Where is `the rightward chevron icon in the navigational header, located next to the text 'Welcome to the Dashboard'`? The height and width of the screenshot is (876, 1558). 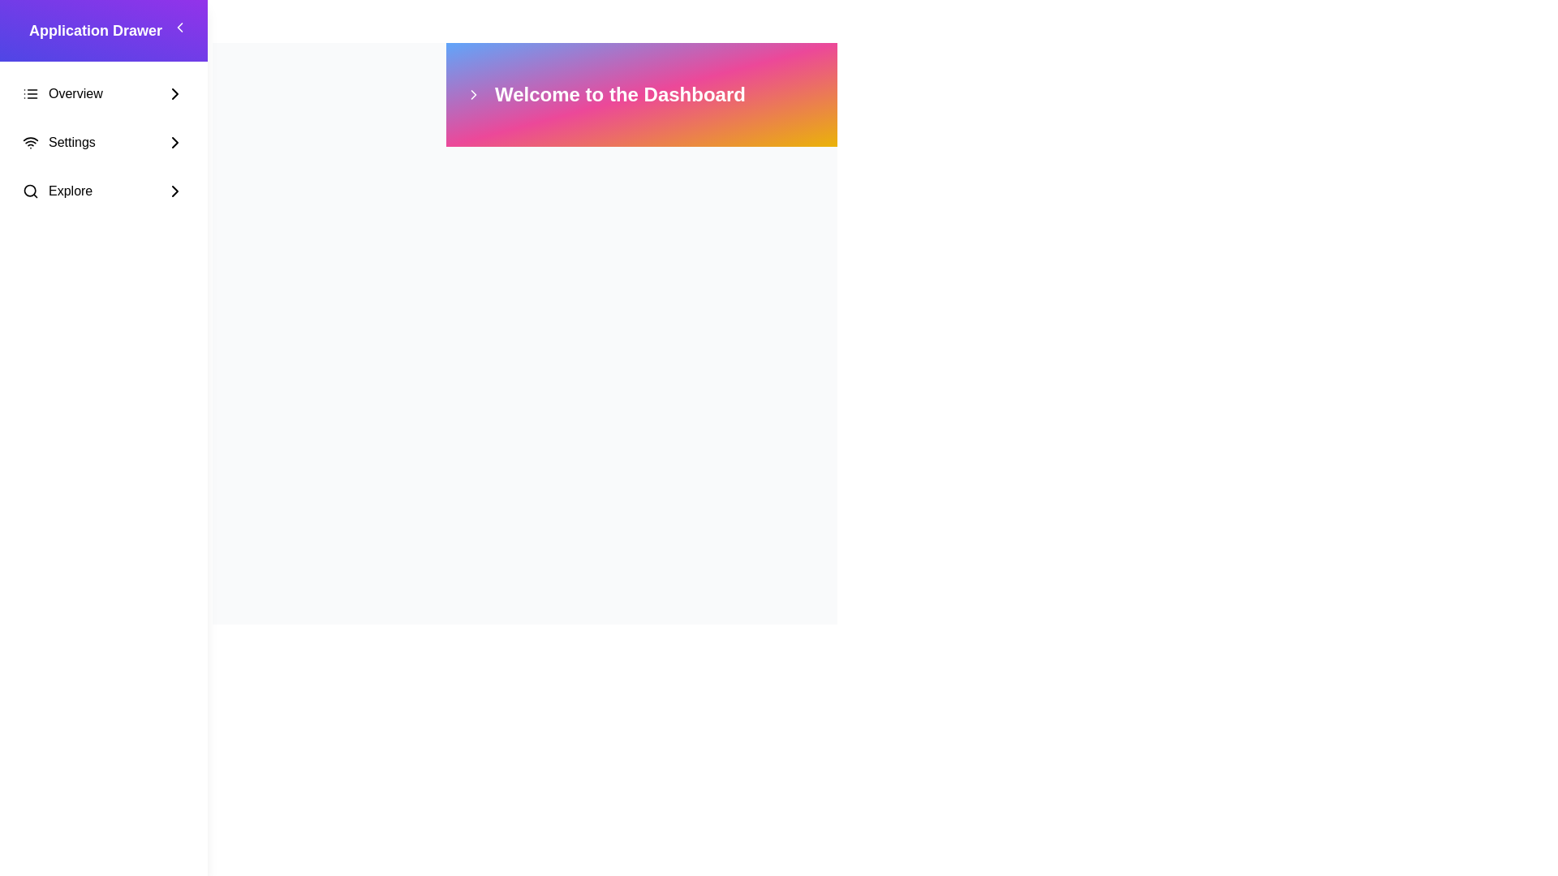
the rightward chevron icon in the navigational header, located next to the text 'Welcome to the Dashboard' is located at coordinates (473, 94).